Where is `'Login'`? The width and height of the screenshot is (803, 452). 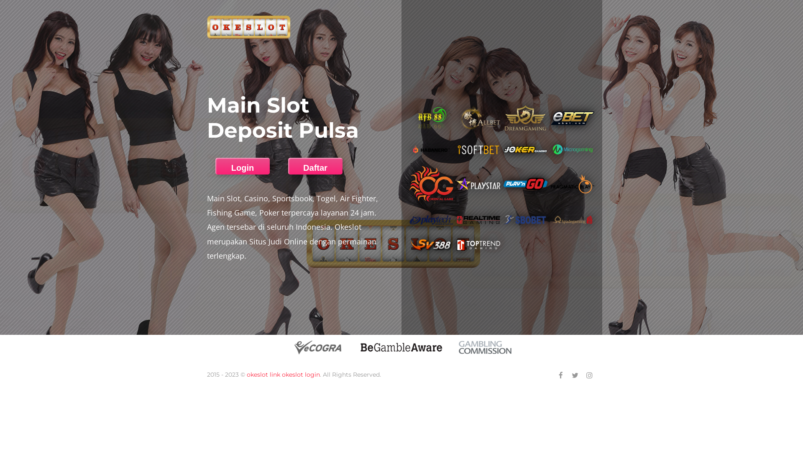
'Login' is located at coordinates (242, 166).